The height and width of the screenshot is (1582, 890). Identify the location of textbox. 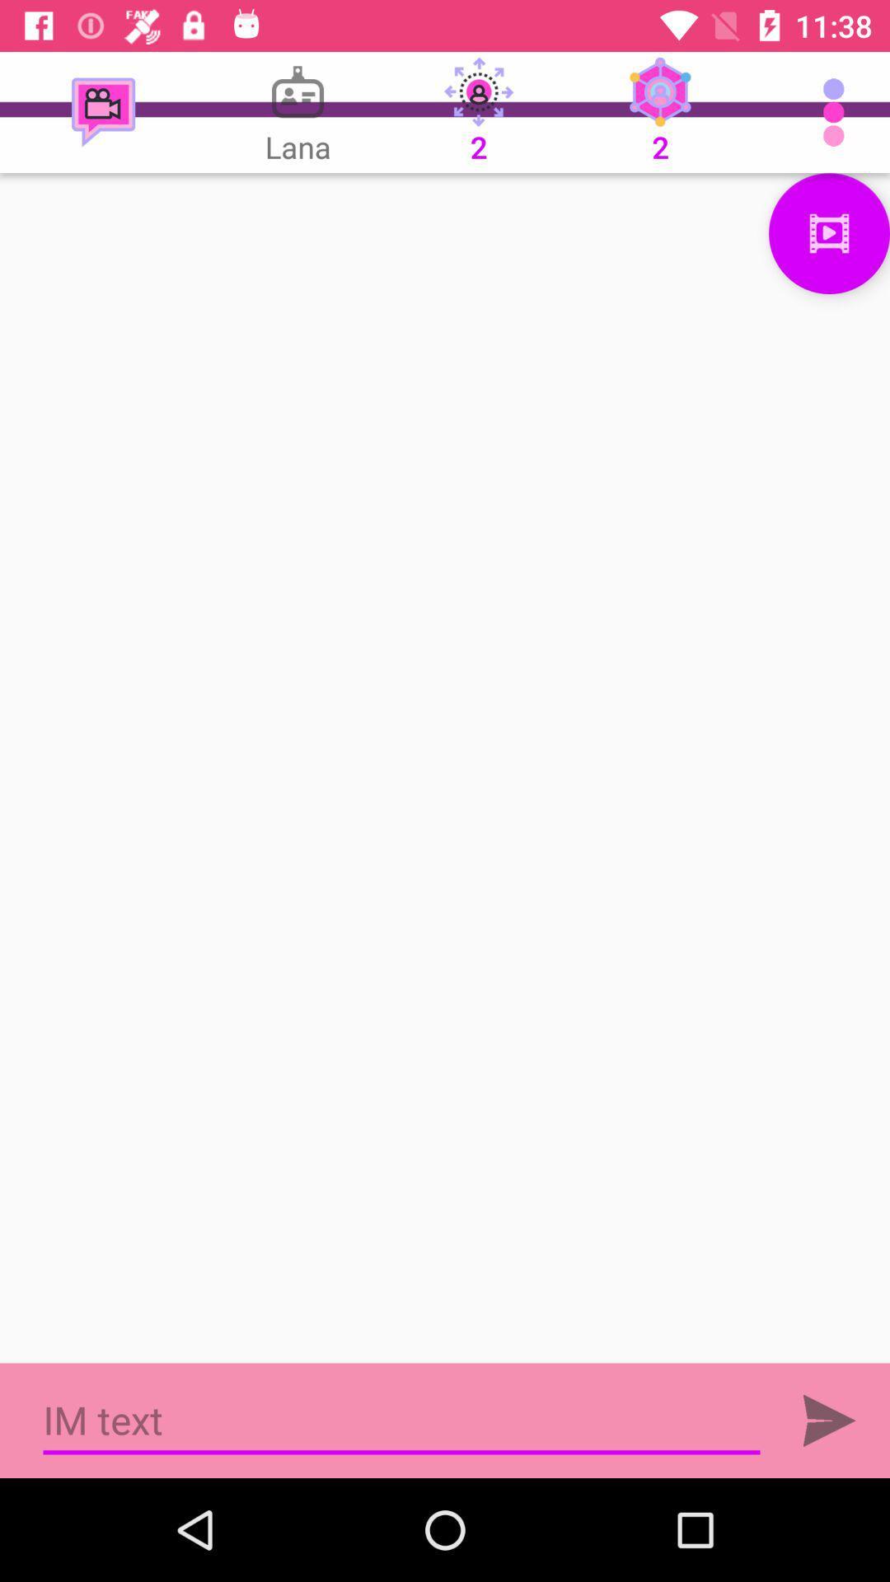
(401, 1420).